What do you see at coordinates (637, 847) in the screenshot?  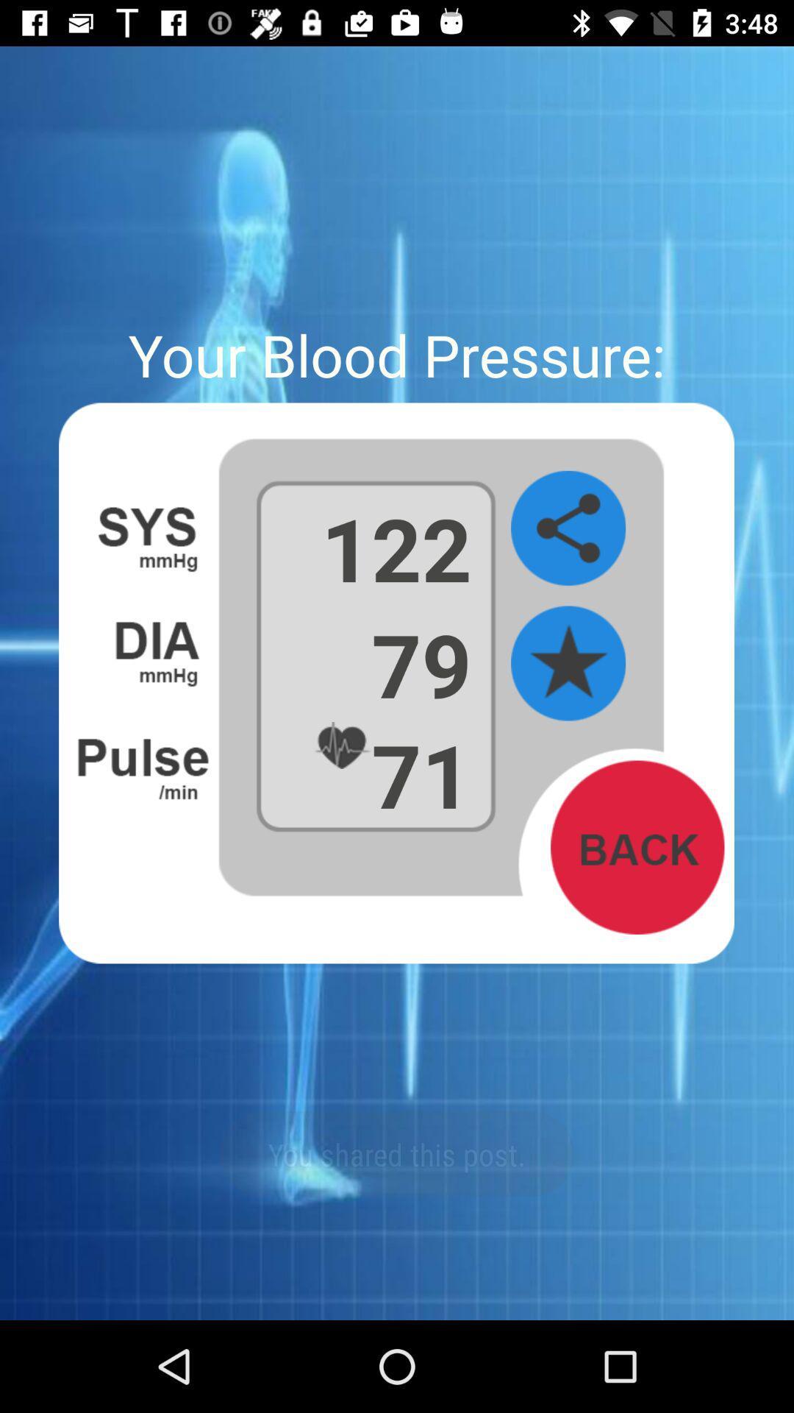 I see `go back` at bounding box center [637, 847].